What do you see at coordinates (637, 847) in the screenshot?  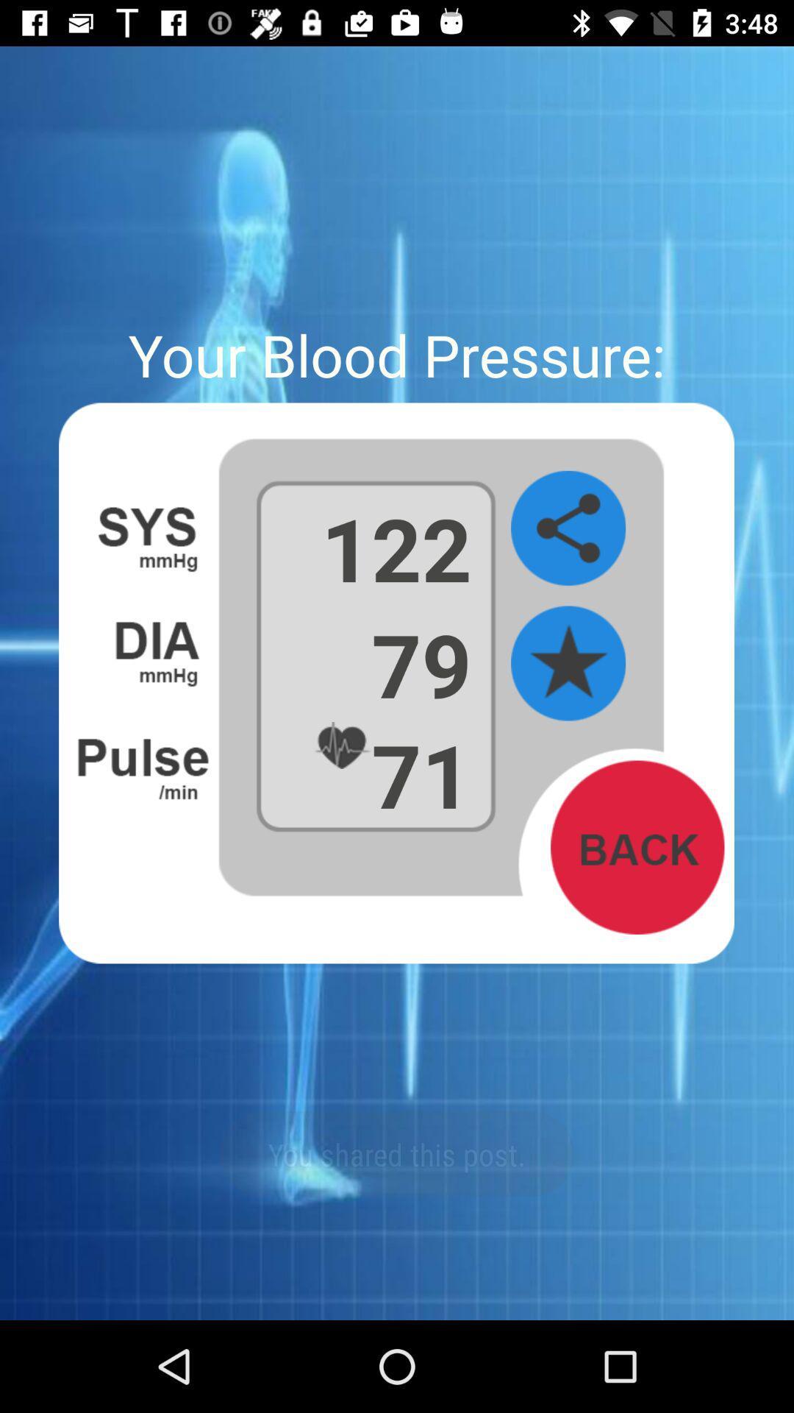 I see `go back` at bounding box center [637, 847].